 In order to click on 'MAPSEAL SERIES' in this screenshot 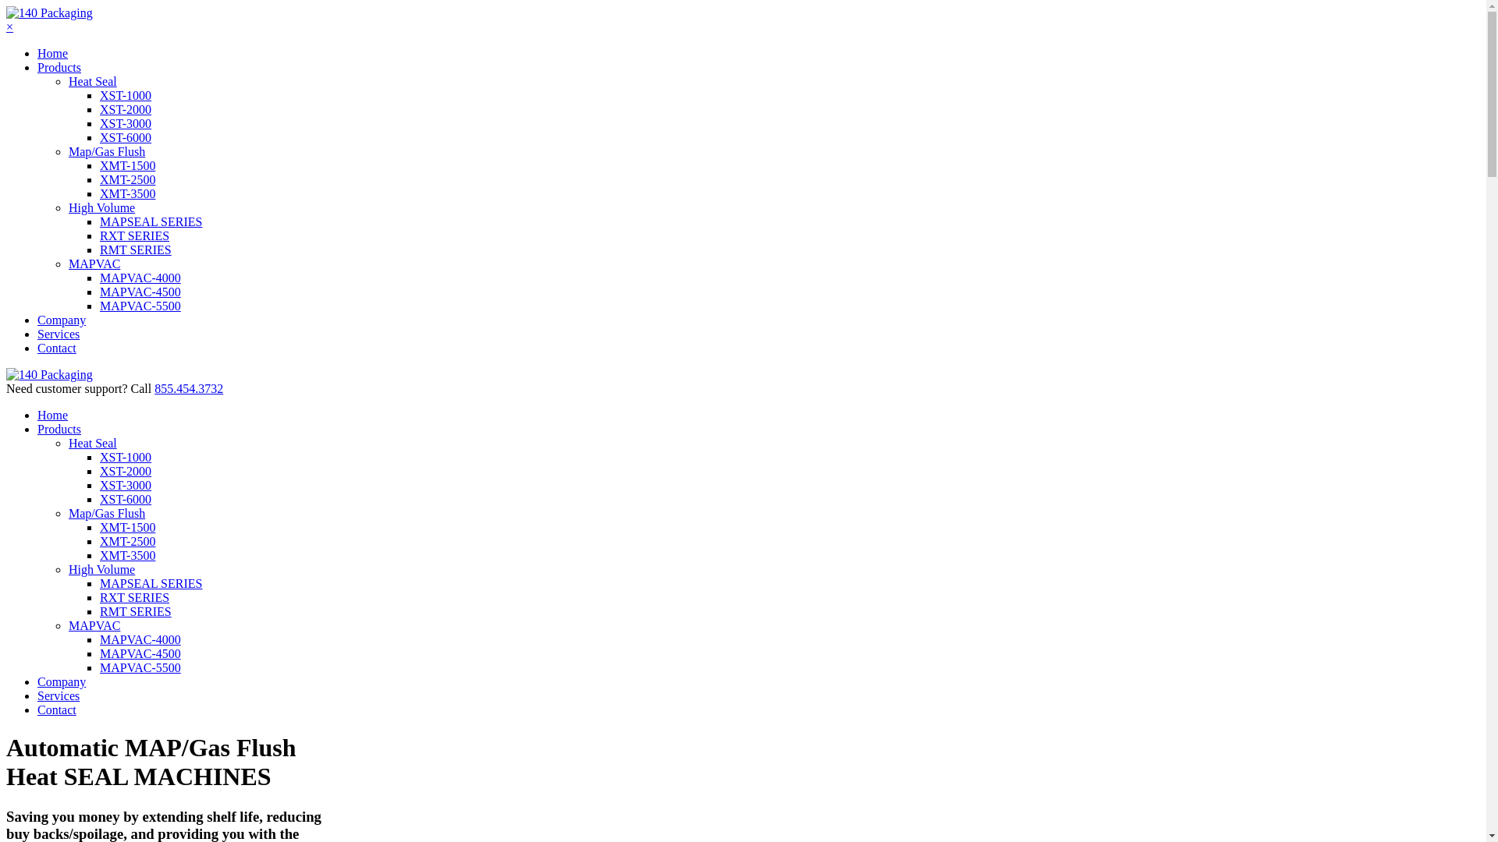, I will do `click(151, 583)`.